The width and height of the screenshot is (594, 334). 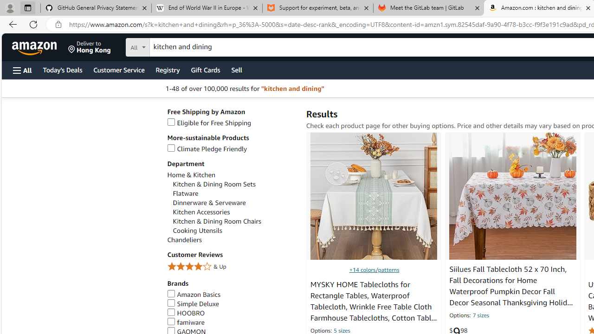 What do you see at coordinates (235, 212) in the screenshot?
I see `'Kitchen Accessories'` at bounding box center [235, 212].